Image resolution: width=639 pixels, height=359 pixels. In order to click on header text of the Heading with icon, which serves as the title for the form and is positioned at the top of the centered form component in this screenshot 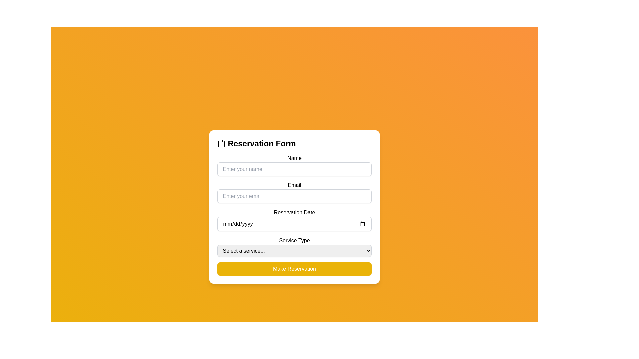, I will do `click(294, 143)`.